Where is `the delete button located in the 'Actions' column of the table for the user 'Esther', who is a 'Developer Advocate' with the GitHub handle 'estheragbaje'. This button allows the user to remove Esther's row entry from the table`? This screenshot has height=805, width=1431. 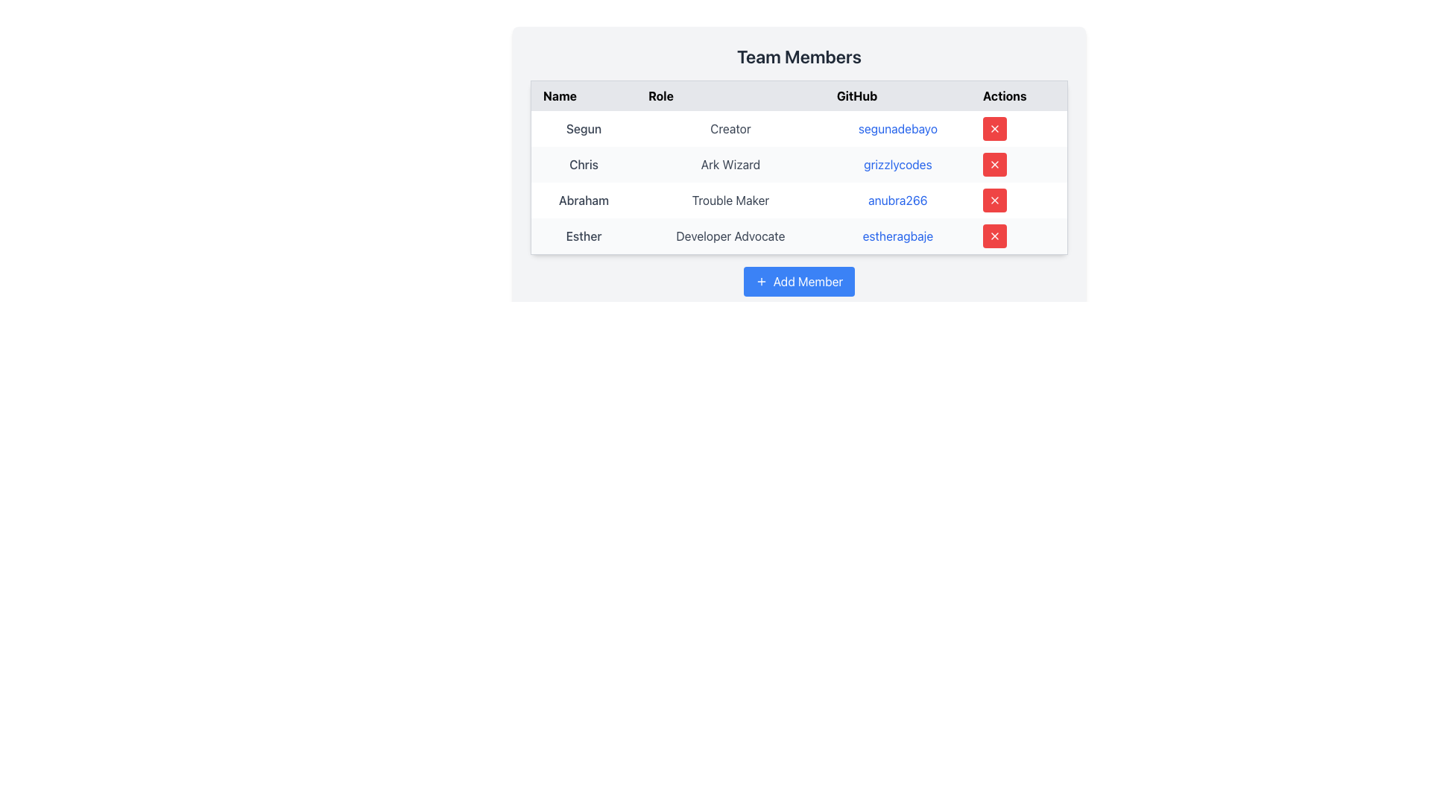 the delete button located in the 'Actions' column of the table for the user 'Esther', who is a 'Developer Advocate' with the GitHub handle 'estheragbaje'. This button allows the user to remove Esther's row entry from the table is located at coordinates (1018, 236).